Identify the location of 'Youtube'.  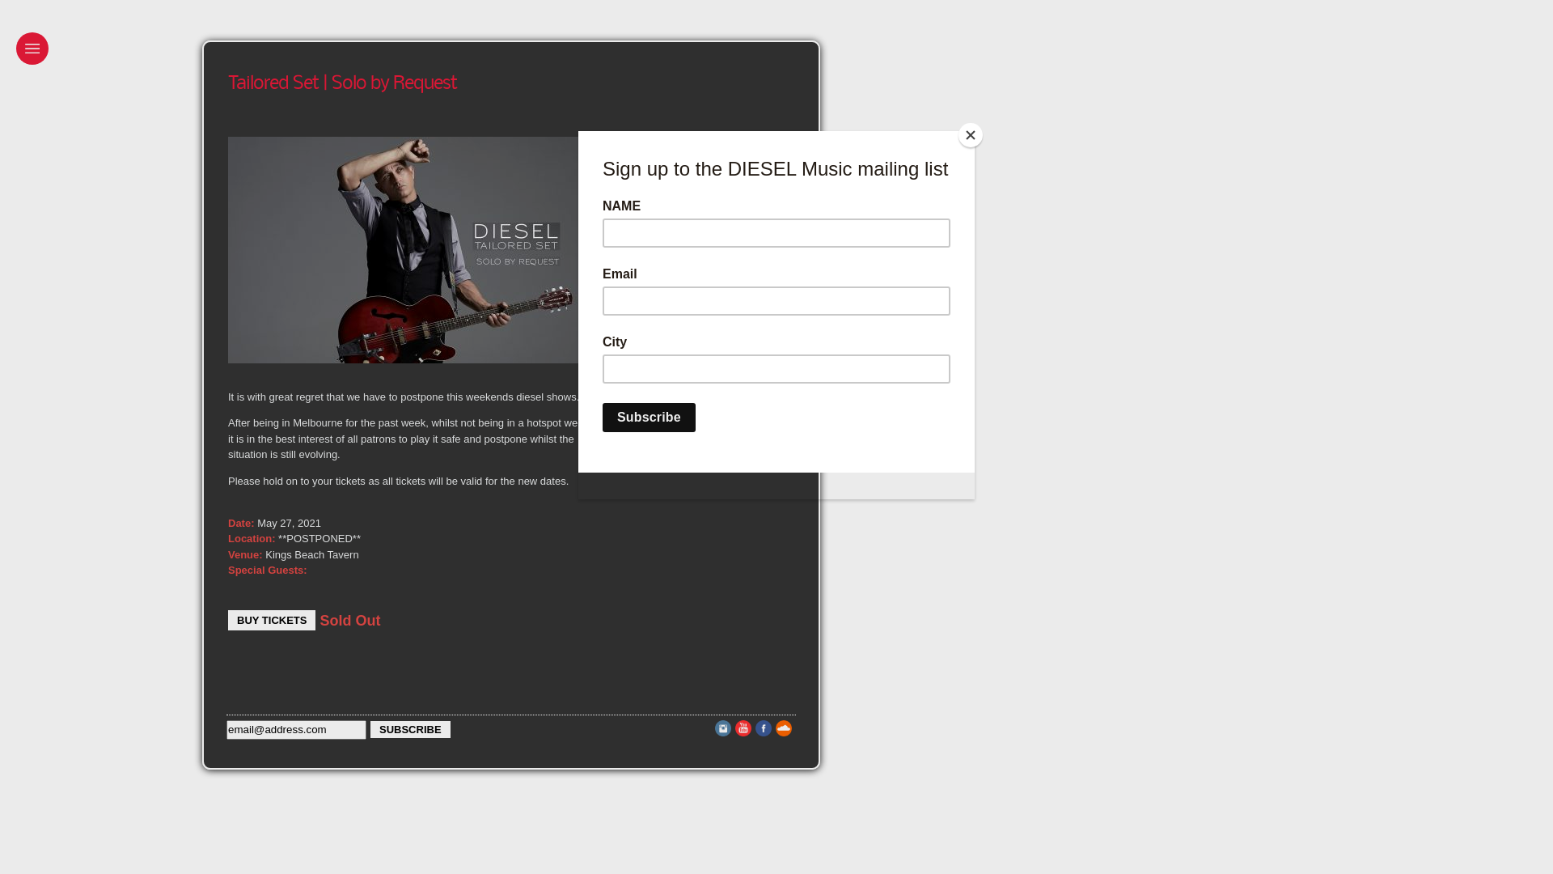
(742, 732).